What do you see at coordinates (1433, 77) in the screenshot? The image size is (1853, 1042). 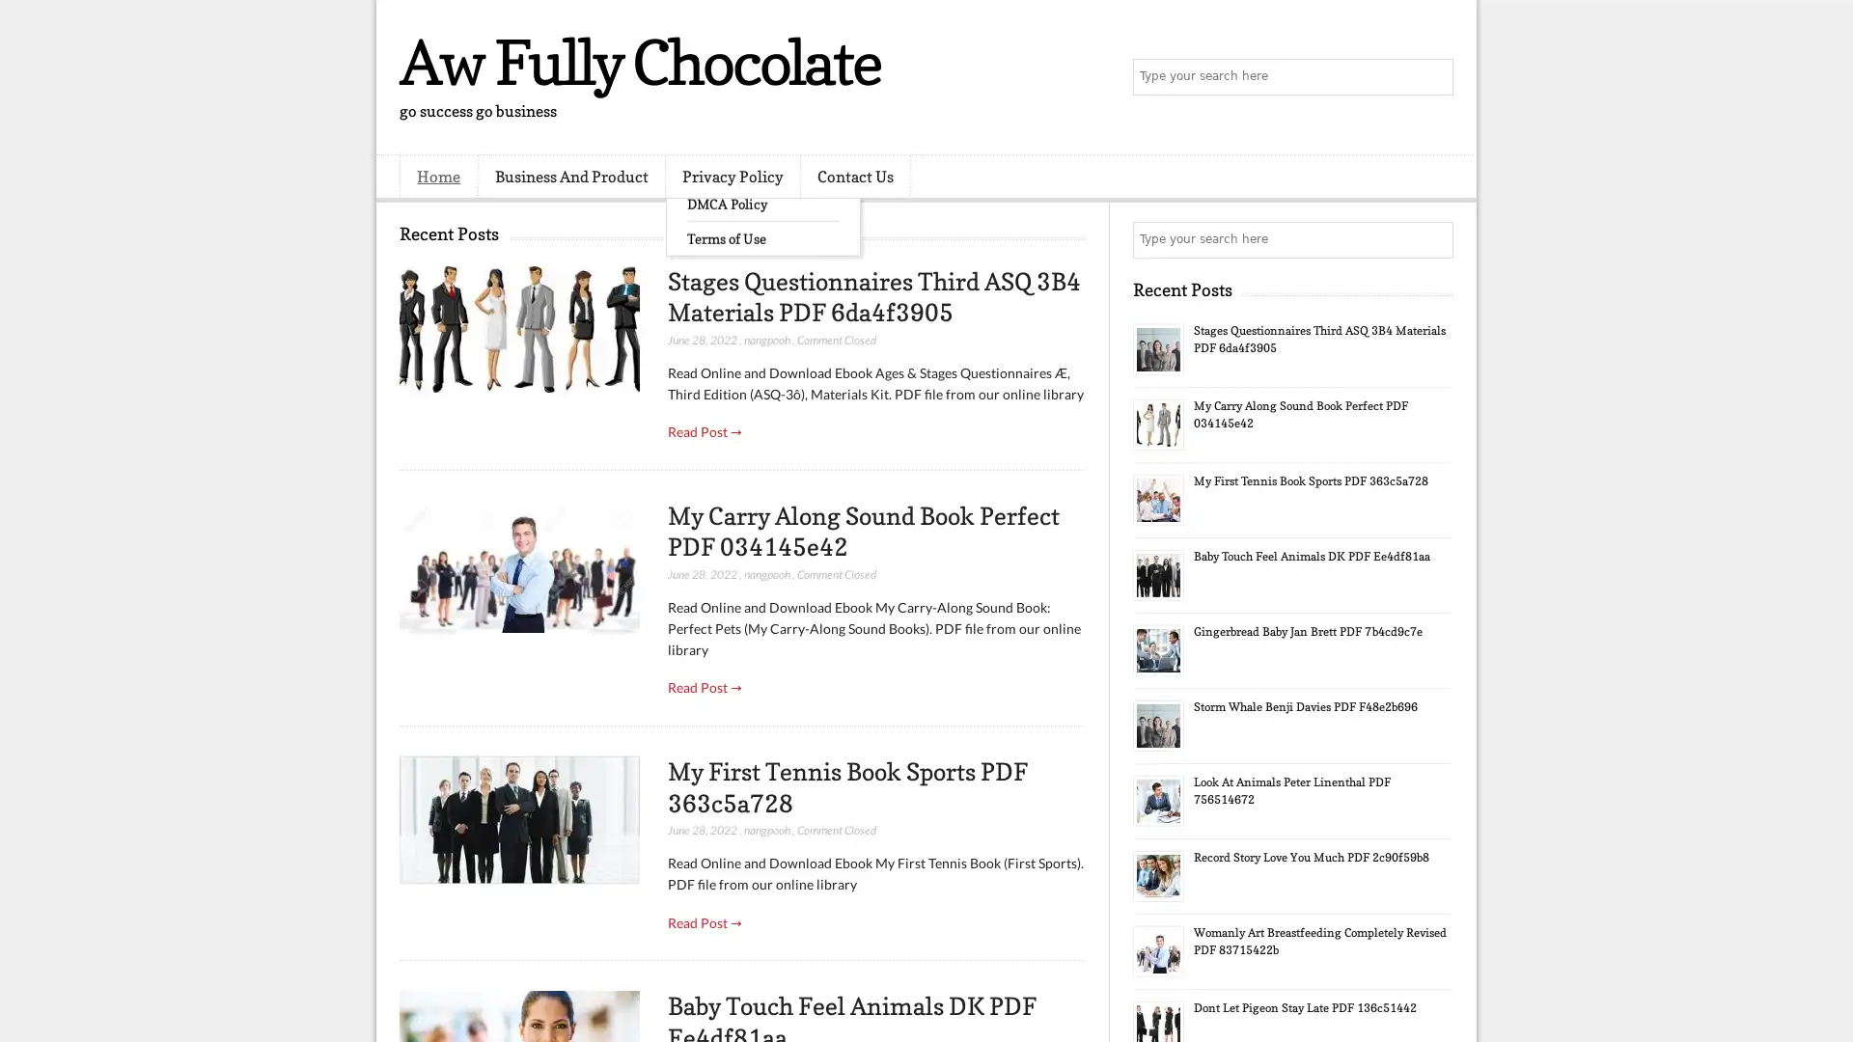 I see `Search` at bounding box center [1433, 77].